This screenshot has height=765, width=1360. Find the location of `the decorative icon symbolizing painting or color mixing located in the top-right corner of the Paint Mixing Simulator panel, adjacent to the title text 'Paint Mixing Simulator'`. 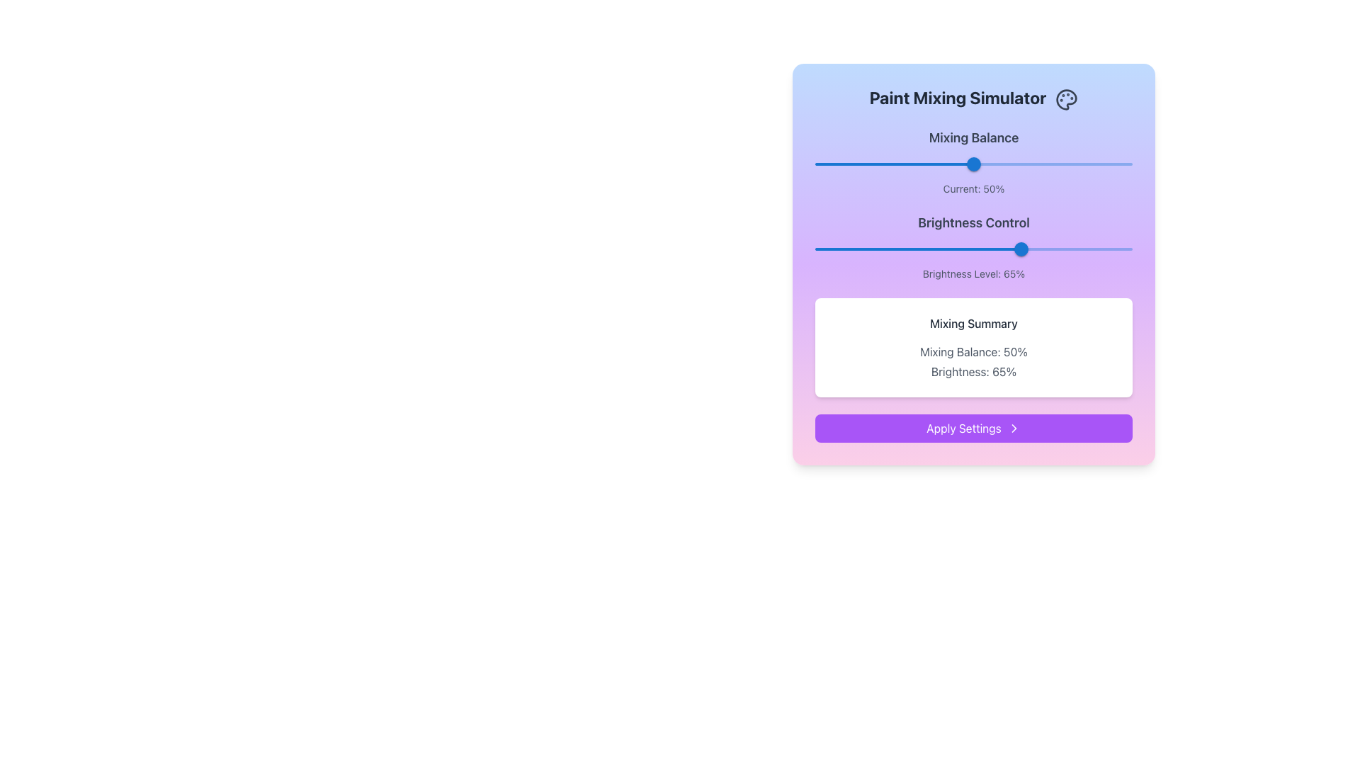

the decorative icon symbolizing painting or color mixing located in the top-right corner of the Paint Mixing Simulator panel, adjacent to the title text 'Paint Mixing Simulator' is located at coordinates (1067, 98).